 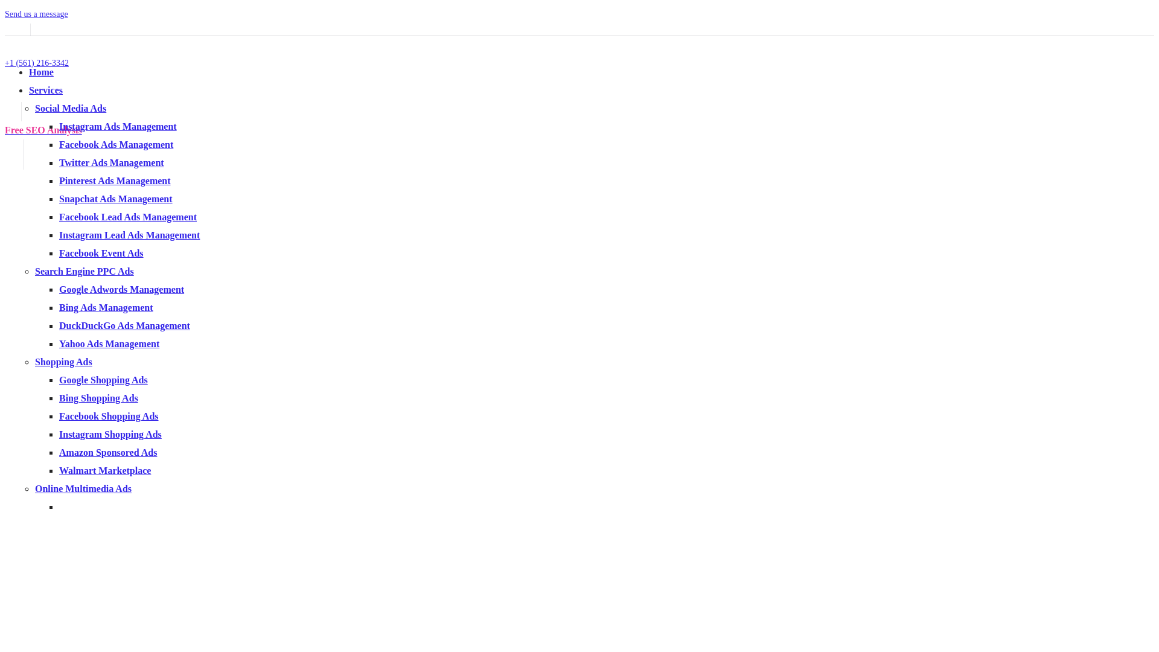 I want to click on 'Snapchat Ads Management', so click(x=58, y=198).